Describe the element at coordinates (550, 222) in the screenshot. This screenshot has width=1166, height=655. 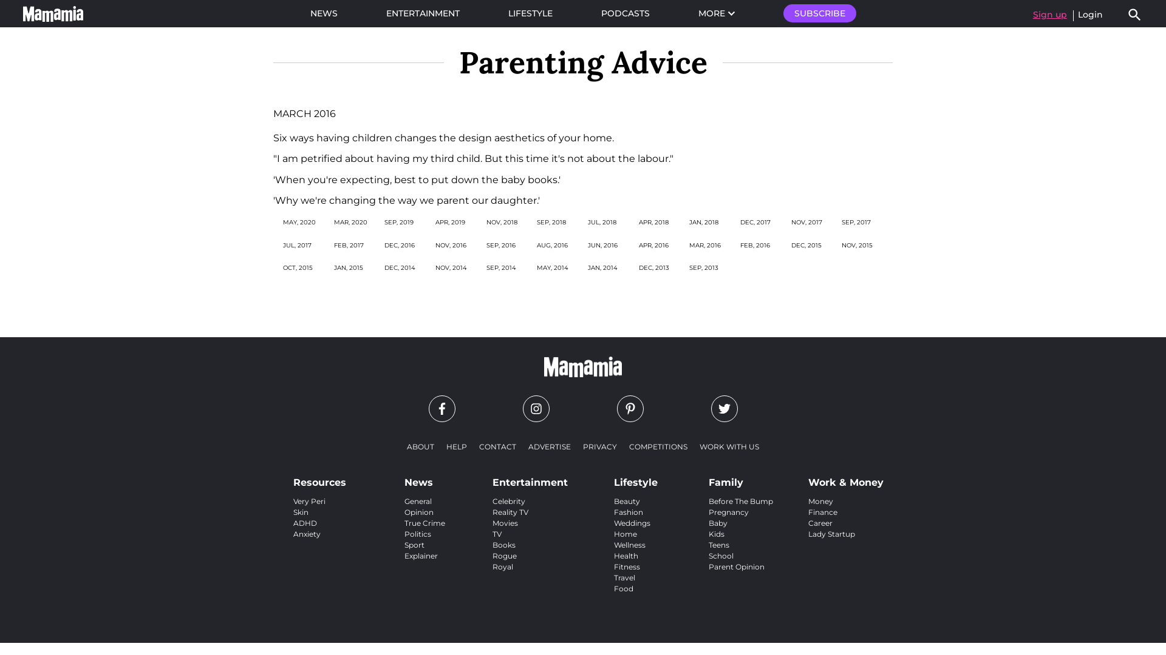
I see `'SEP, 2018'` at that location.